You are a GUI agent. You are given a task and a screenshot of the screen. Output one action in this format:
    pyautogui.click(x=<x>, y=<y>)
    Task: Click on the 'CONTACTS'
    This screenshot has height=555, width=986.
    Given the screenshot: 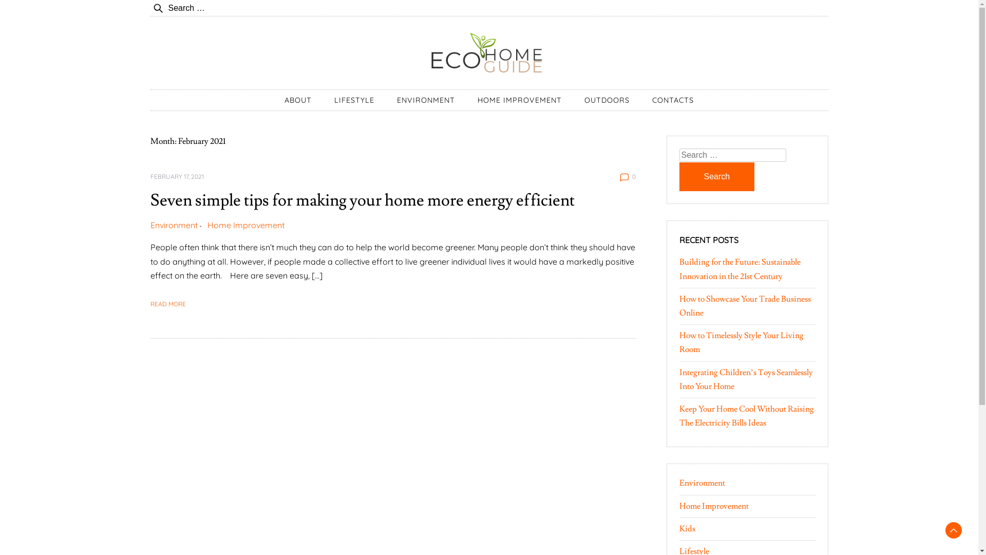 What is the action you would take?
    pyautogui.click(x=673, y=100)
    